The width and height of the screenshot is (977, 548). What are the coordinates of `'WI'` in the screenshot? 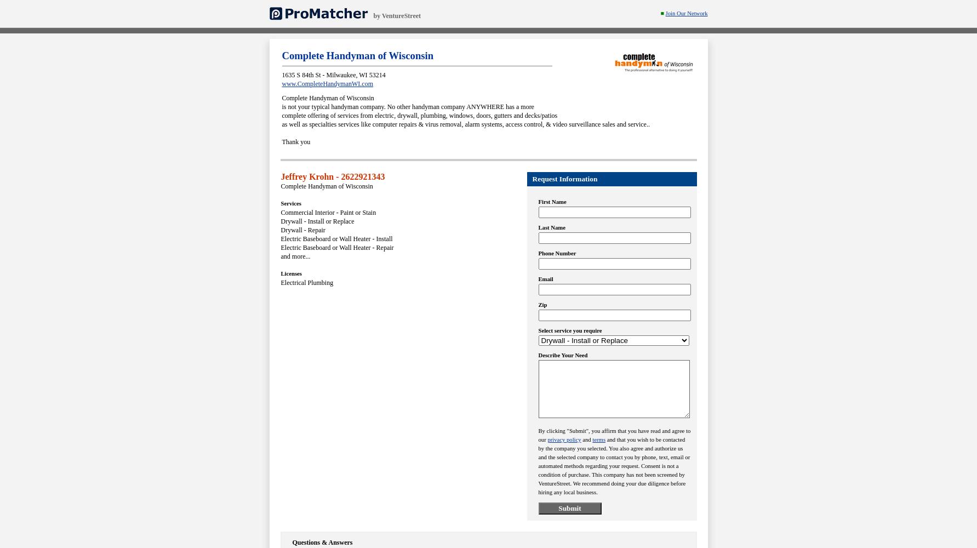 It's located at (359, 75).